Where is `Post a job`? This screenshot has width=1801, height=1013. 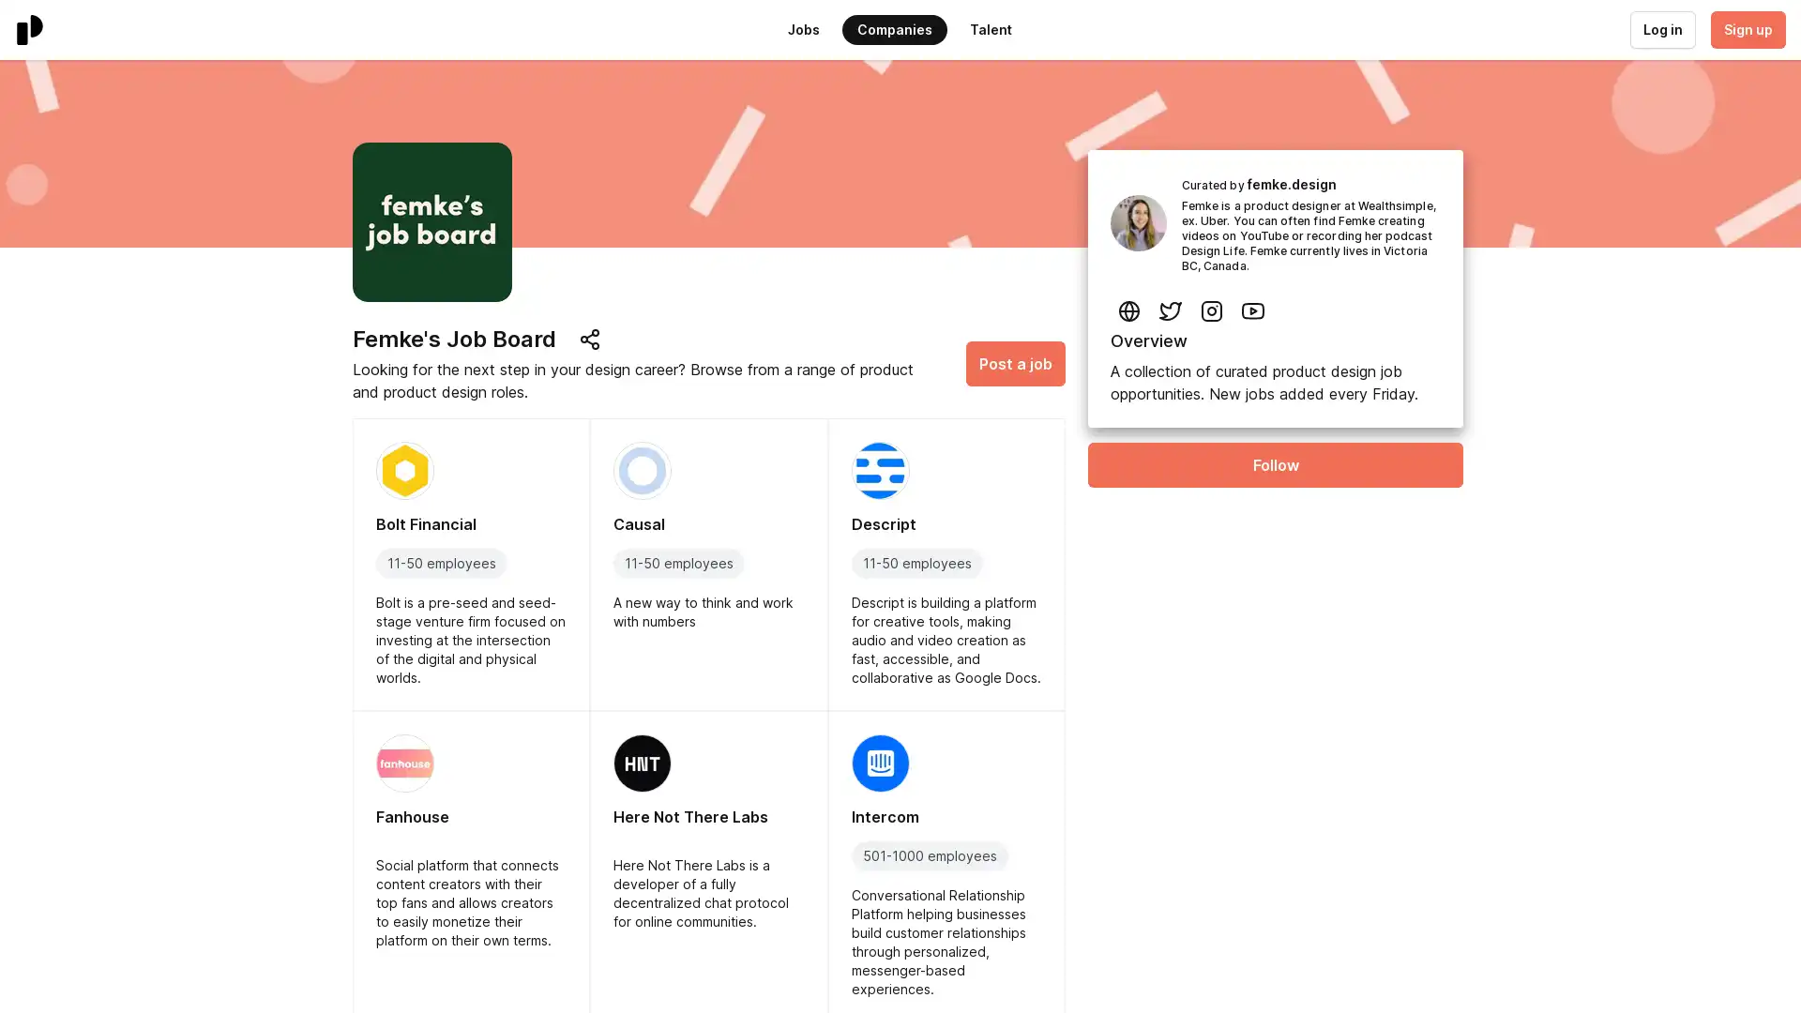
Post a job is located at coordinates (1015, 364).